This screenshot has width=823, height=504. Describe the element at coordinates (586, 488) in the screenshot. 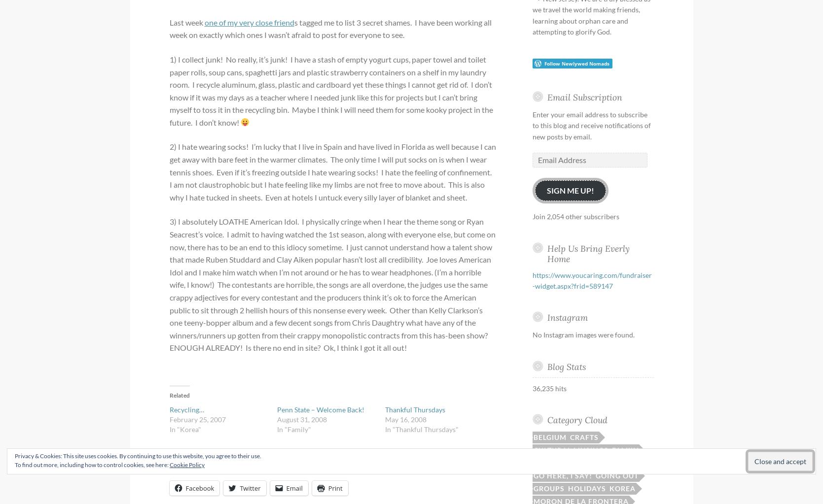

I see `'Holidays'` at that location.